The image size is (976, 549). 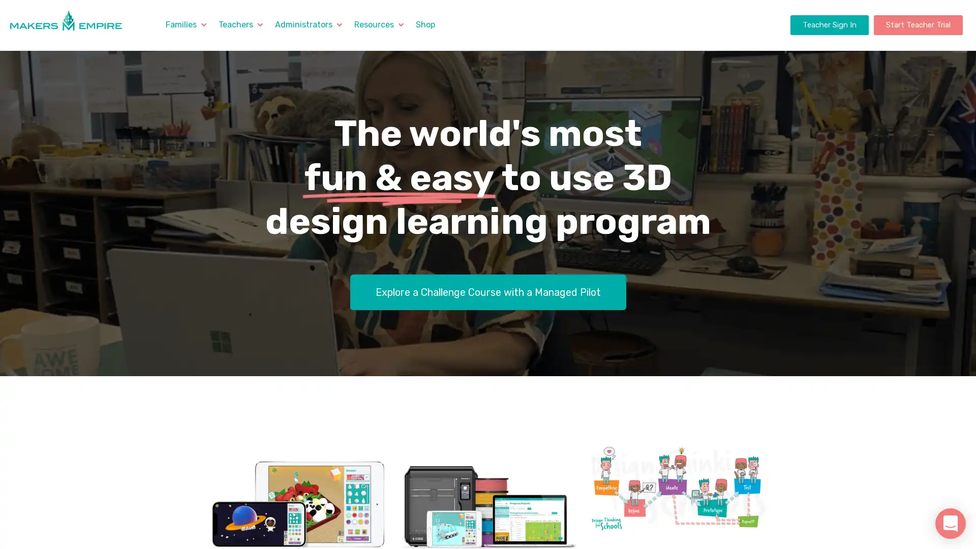 I want to click on Open Intercom Messenger, so click(x=950, y=523).